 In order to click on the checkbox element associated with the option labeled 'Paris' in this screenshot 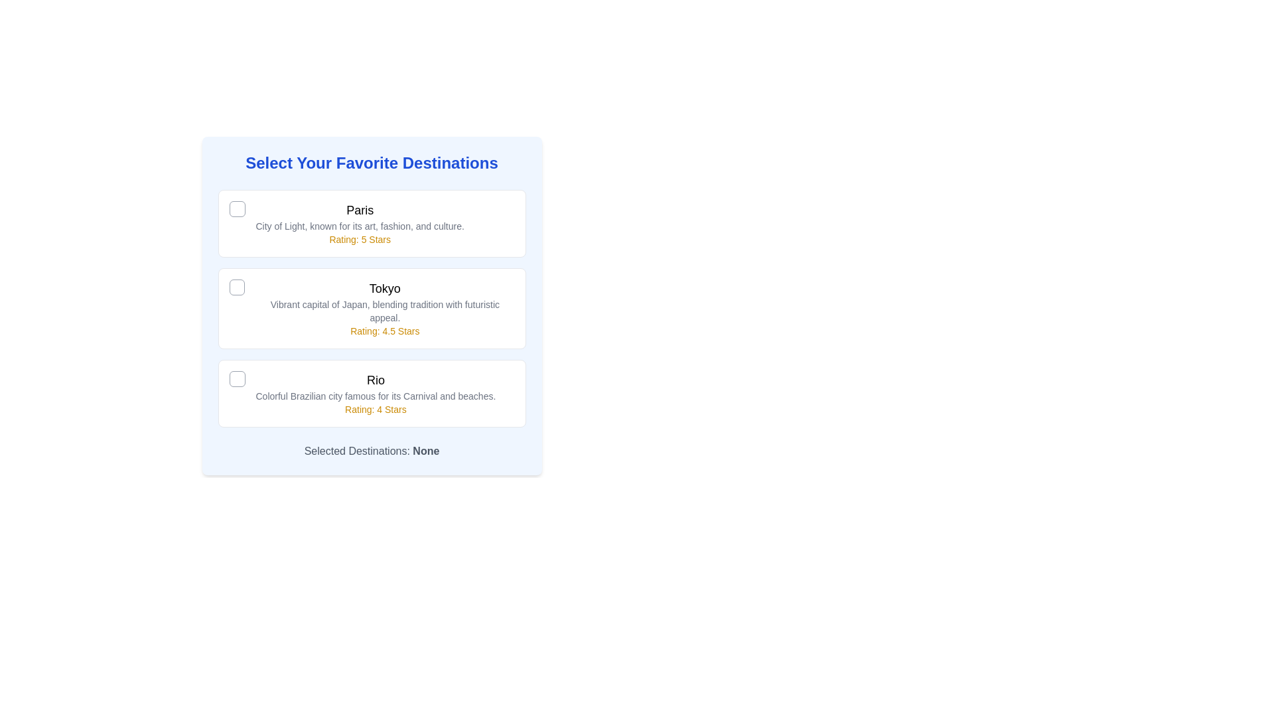, I will do `click(237, 209)`.